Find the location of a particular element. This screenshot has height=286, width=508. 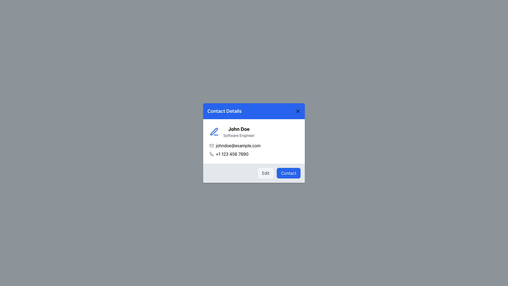

the text label displaying the contact phone number, located beneath the email address line and is located at coordinates (232, 154).